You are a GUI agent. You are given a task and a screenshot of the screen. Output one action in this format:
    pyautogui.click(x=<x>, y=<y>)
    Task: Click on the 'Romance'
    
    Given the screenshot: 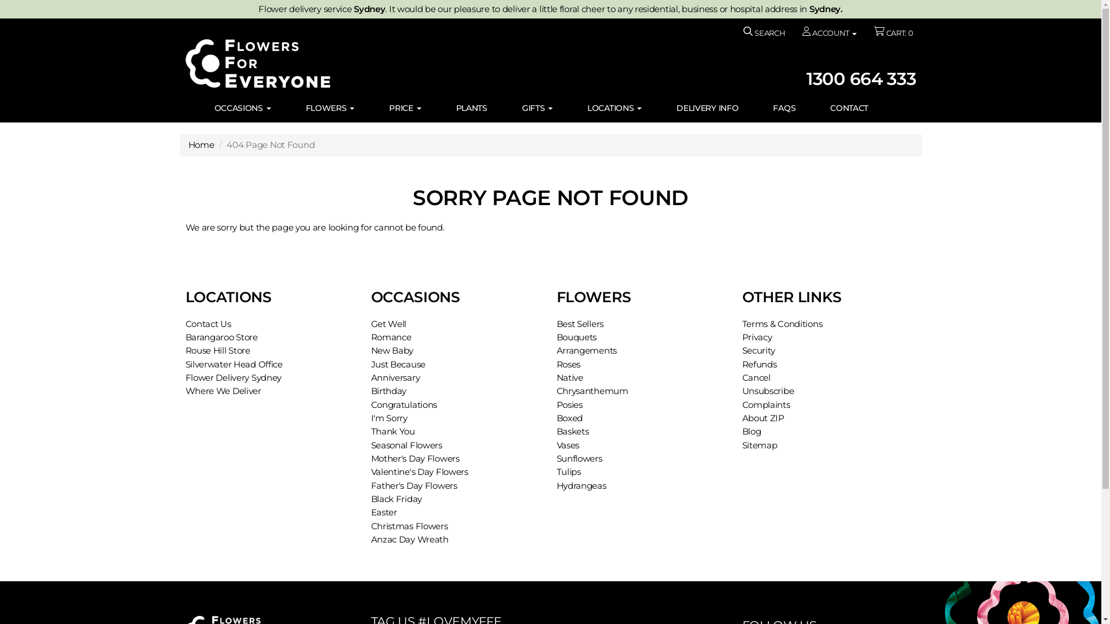 What is the action you would take?
    pyautogui.click(x=391, y=337)
    